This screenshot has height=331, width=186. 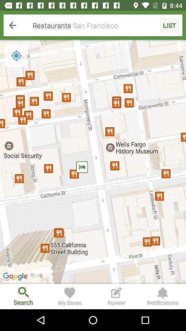 I want to click on the location_crosshair icon, so click(x=16, y=55).